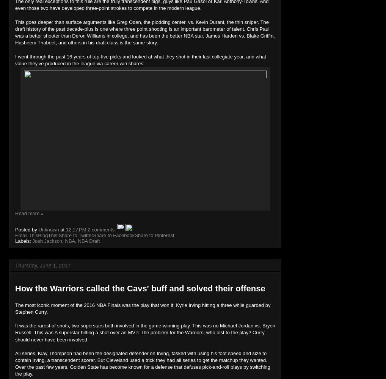 This screenshot has height=379, width=386. What do you see at coordinates (76, 229) in the screenshot?
I see `'12:17 PM'` at bounding box center [76, 229].